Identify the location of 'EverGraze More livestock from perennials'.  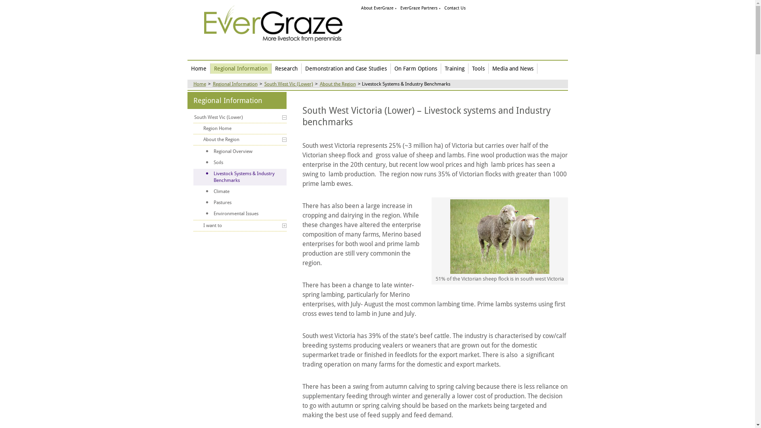
(273, 23).